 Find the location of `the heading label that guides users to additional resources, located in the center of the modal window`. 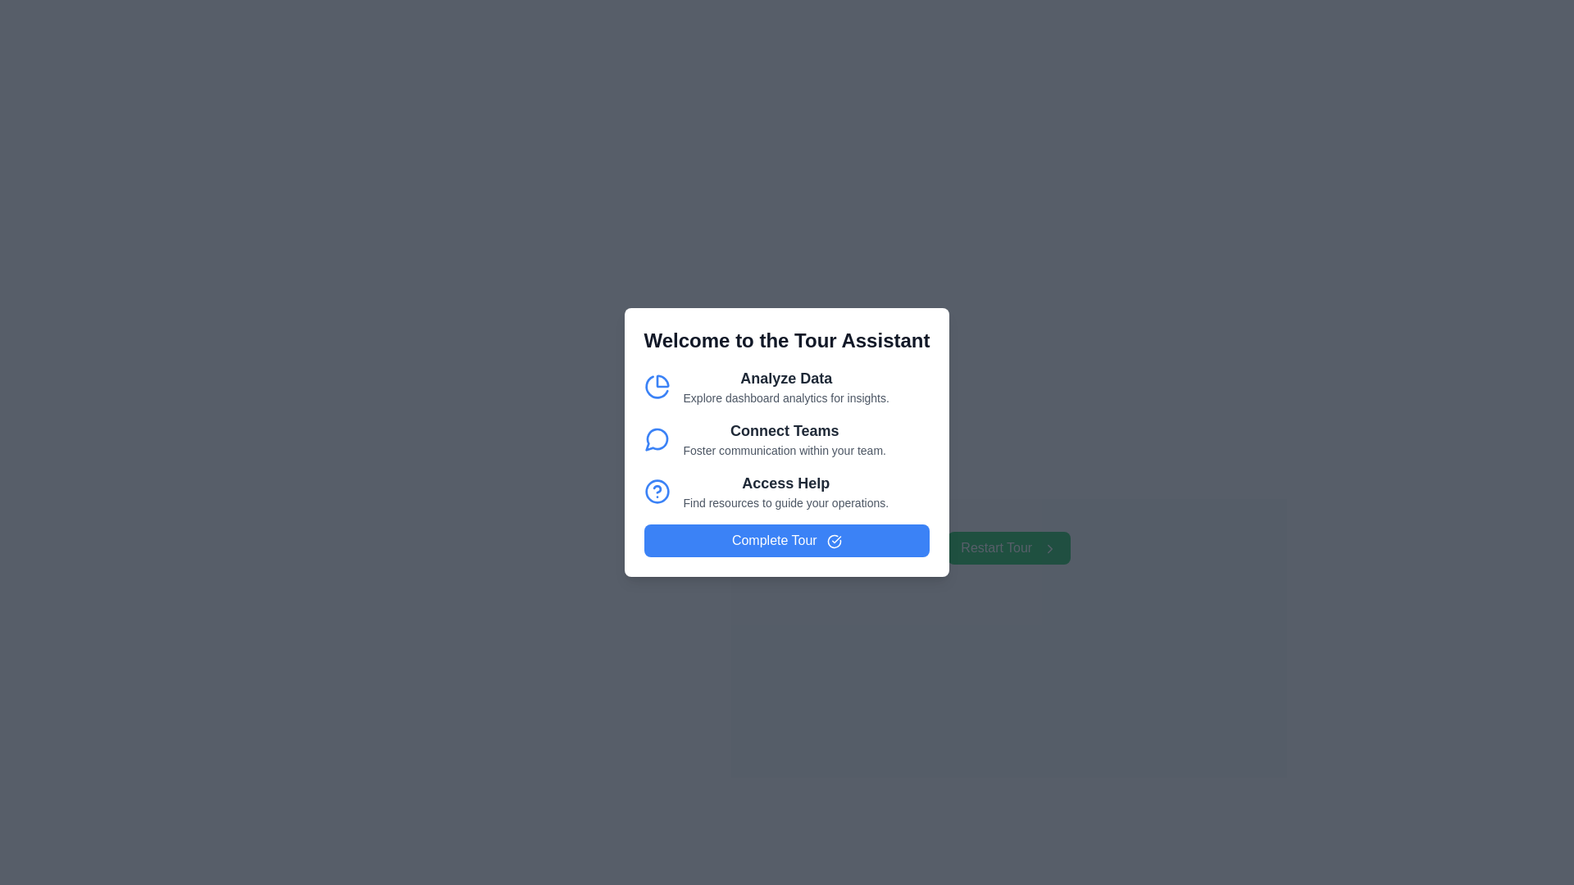

the heading label that guides users to additional resources, located in the center of the modal window is located at coordinates (785, 483).